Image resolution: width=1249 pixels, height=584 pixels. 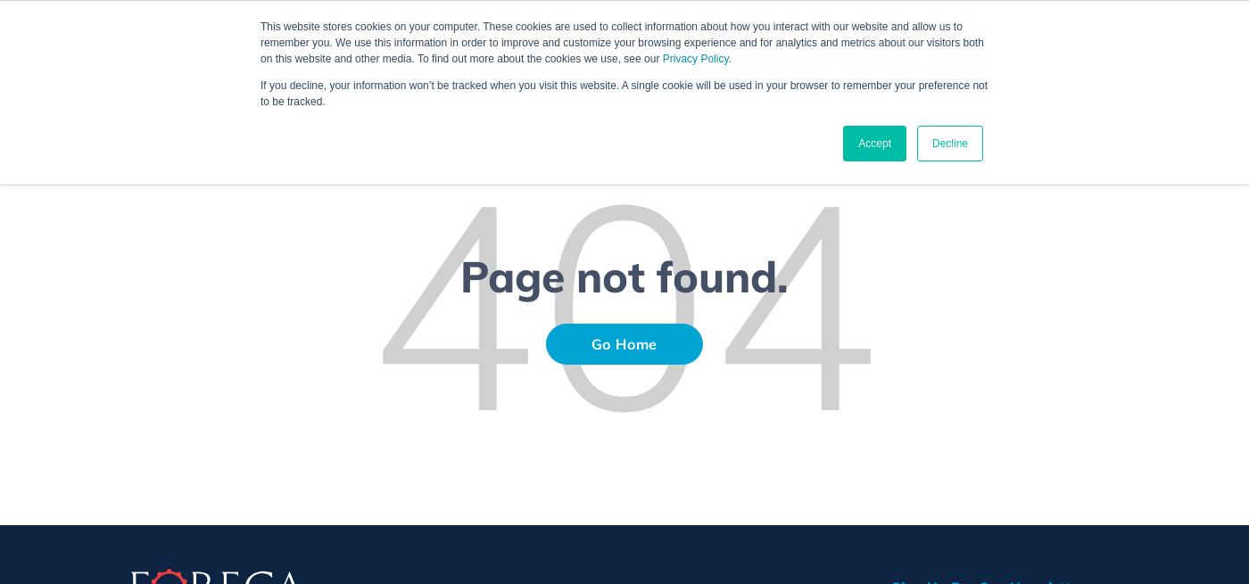 I want to click on 'Privacy Policy', so click(x=694, y=58).